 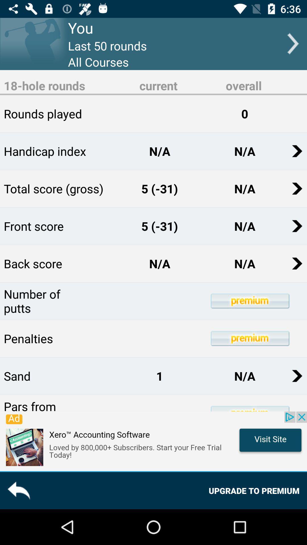 I want to click on advertisement page, so click(x=153, y=441).